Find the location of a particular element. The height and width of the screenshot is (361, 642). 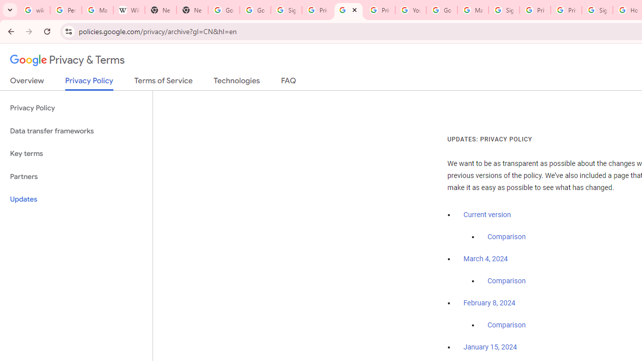

'YouTube' is located at coordinates (411, 10).